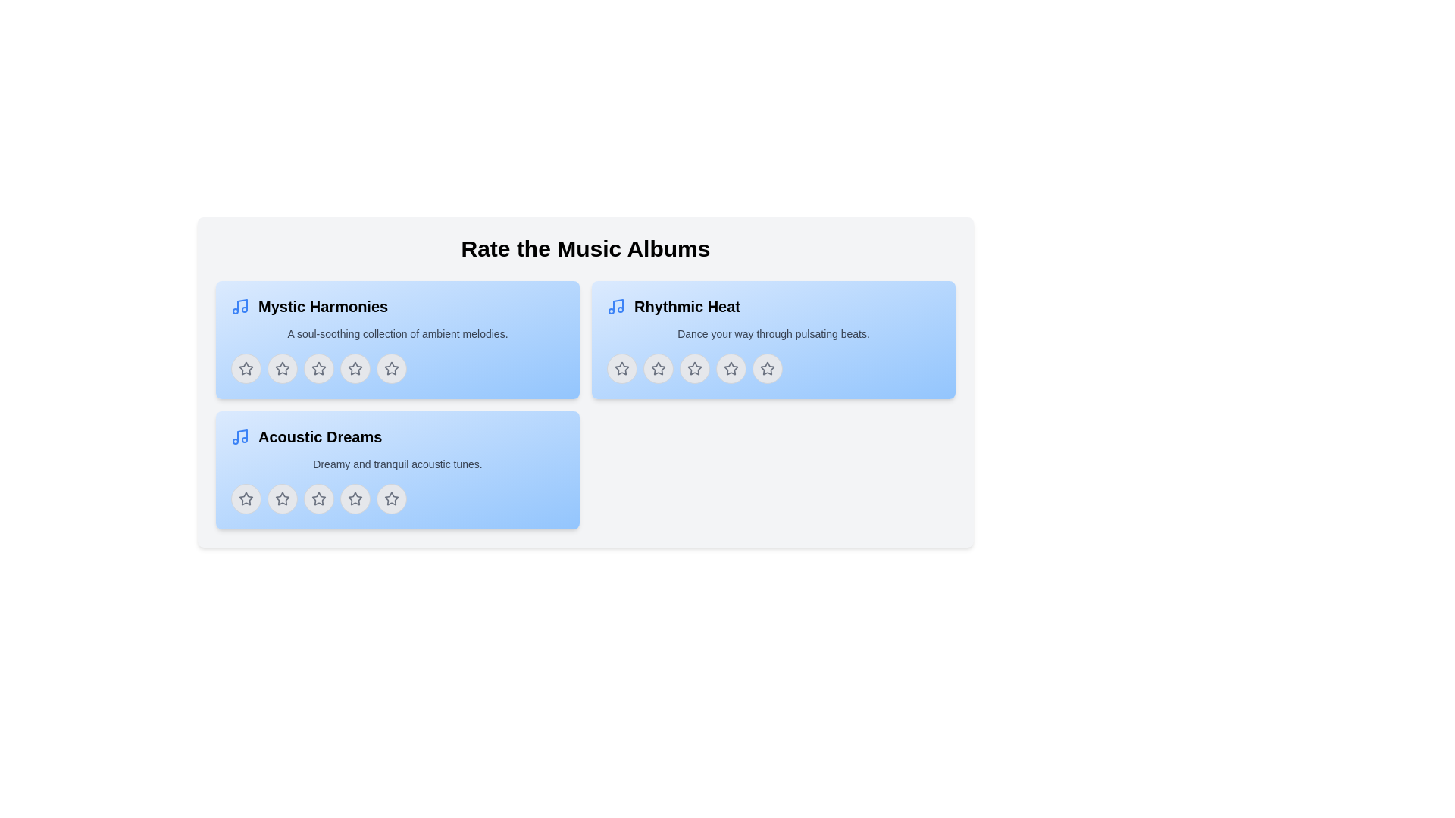 This screenshot has width=1455, height=818. Describe the element at coordinates (767, 368) in the screenshot. I see `the fifth rating star for the 'Rhythmic Heat' music album` at that location.